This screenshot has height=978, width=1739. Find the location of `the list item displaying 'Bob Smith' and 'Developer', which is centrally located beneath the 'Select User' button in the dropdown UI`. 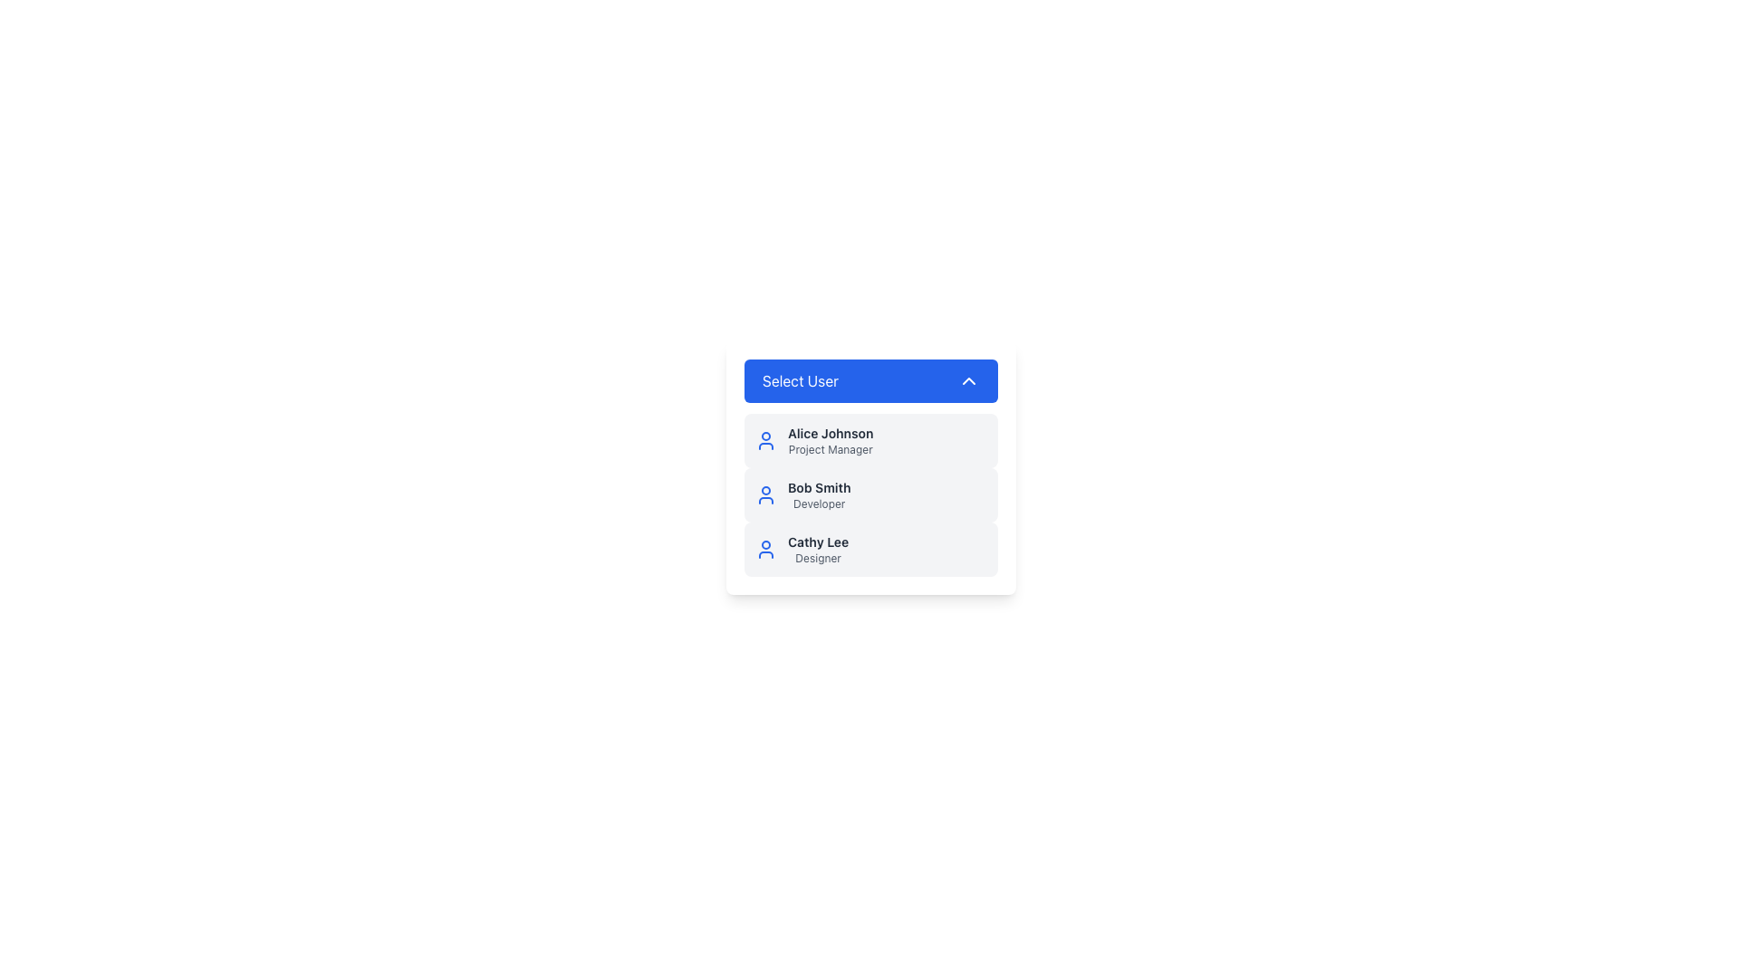

the list item displaying 'Bob Smith' and 'Developer', which is centrally located beneath the 'Select User' button in the dropdown UI is located at coordinates (870, 495).